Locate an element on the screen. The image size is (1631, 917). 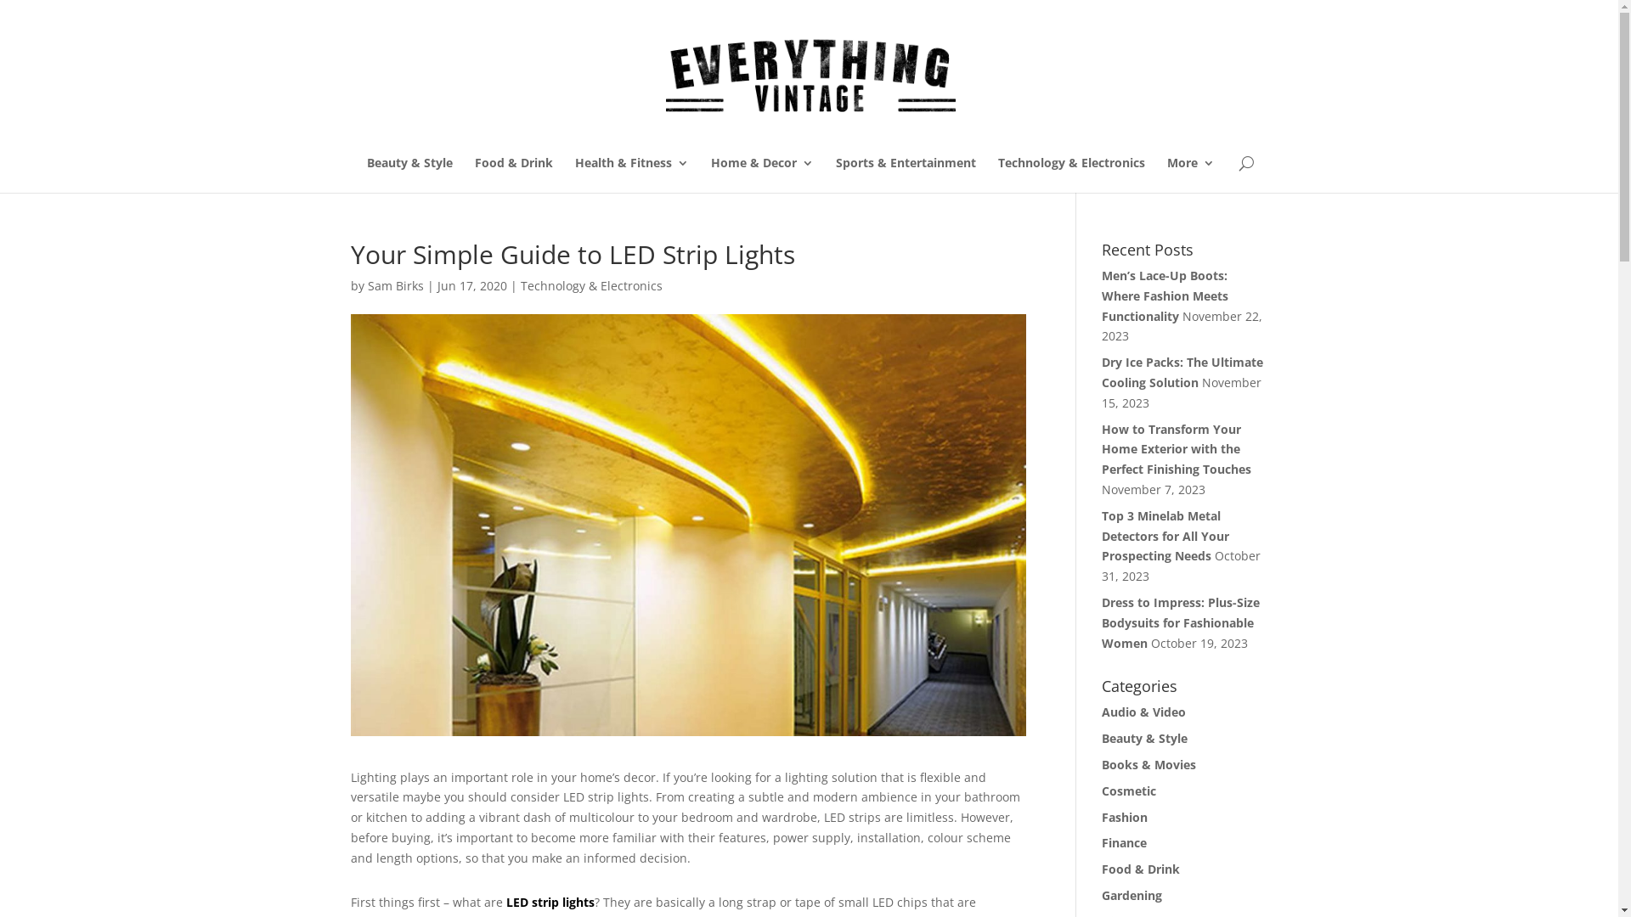
'Books & Movies' is located at coordinates (1148, 764).